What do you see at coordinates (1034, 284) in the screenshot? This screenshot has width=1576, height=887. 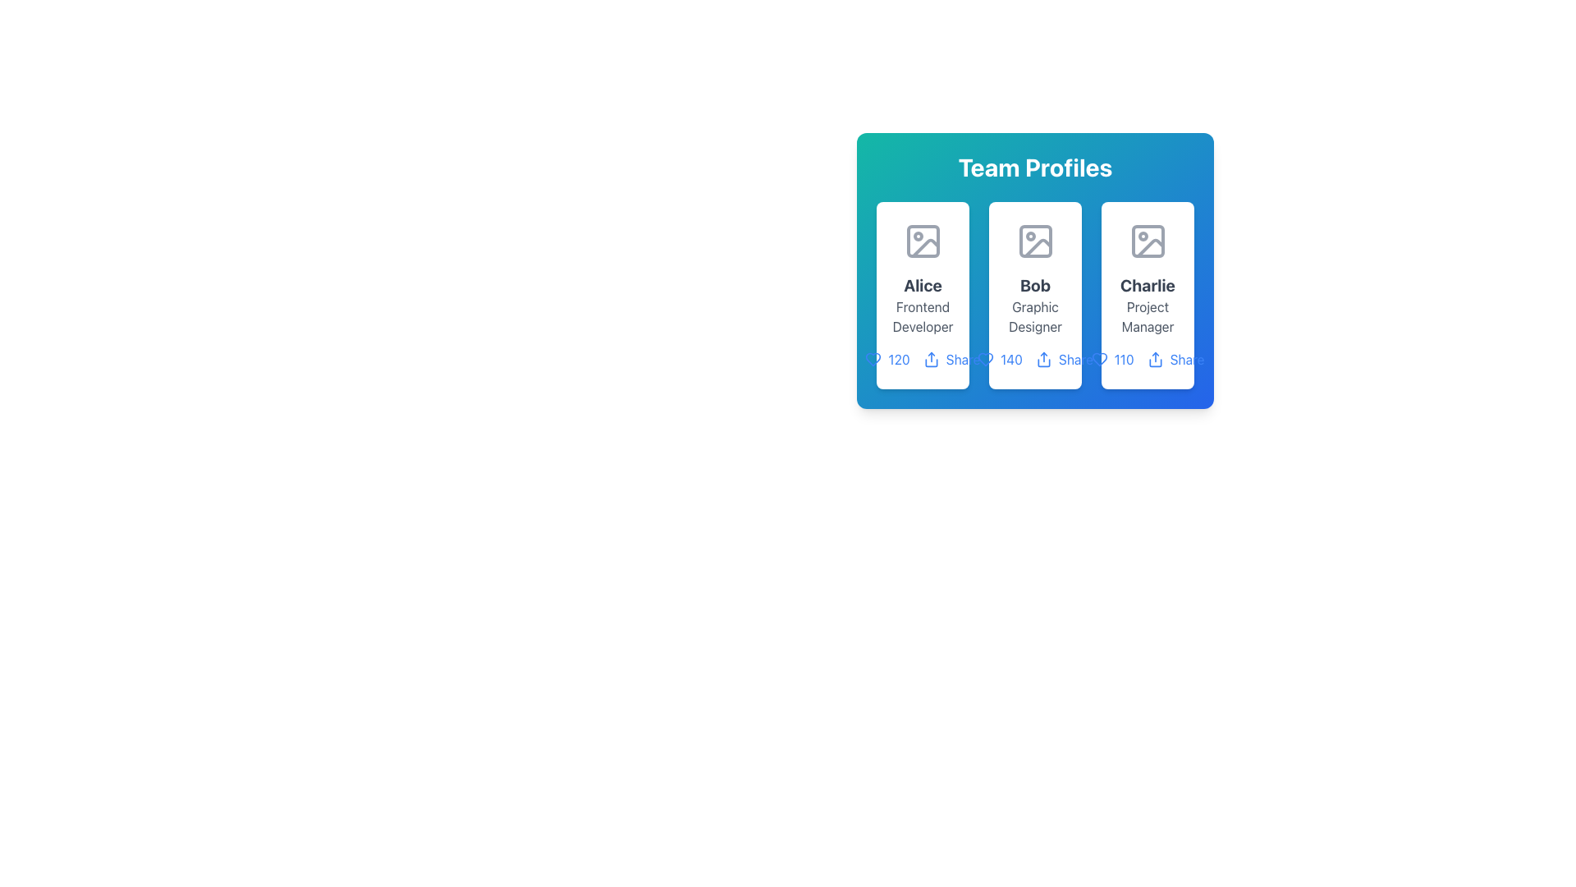 I see `the text label displaying 'Bob' in bold font, positioned in the middle card of the 'Team Profiles' section, above 'Graphic Designer'` at bounding box center [1034, 284].